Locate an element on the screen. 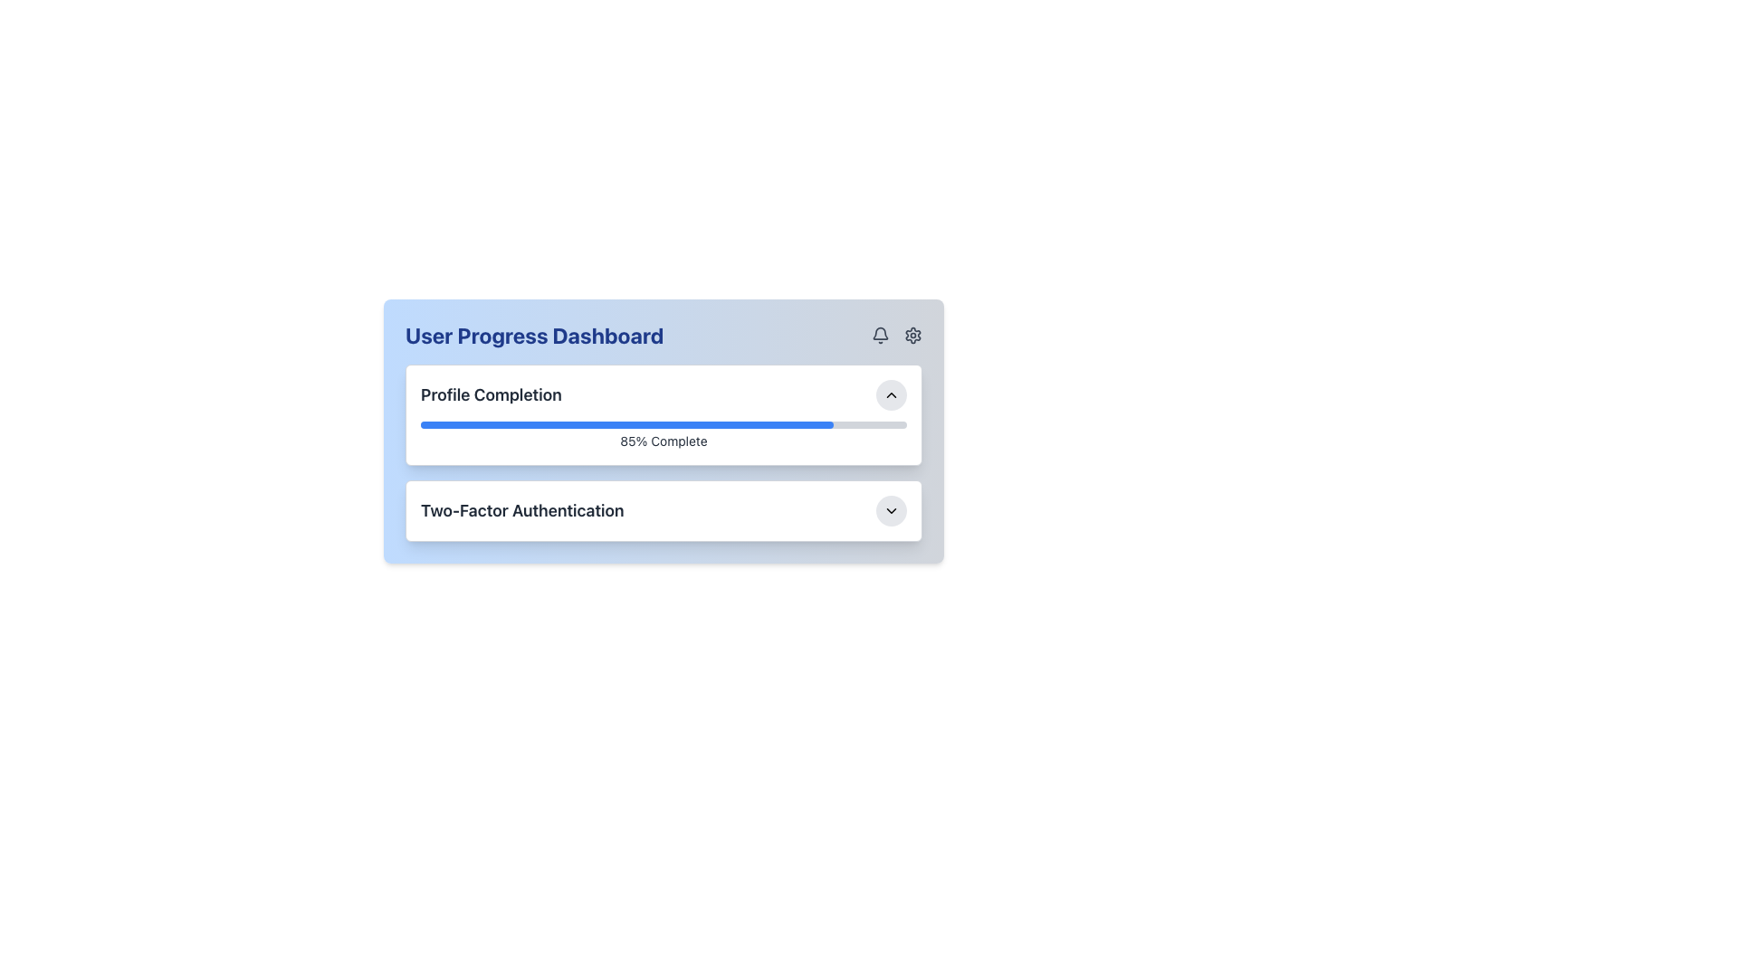 The image size is (1738, 977). the Text Label that displays the user's completion percentage, located below the progress bar in the 'Profile Completion' section of the 'User Progress Dashboard' is located at coordinates (663, 441).